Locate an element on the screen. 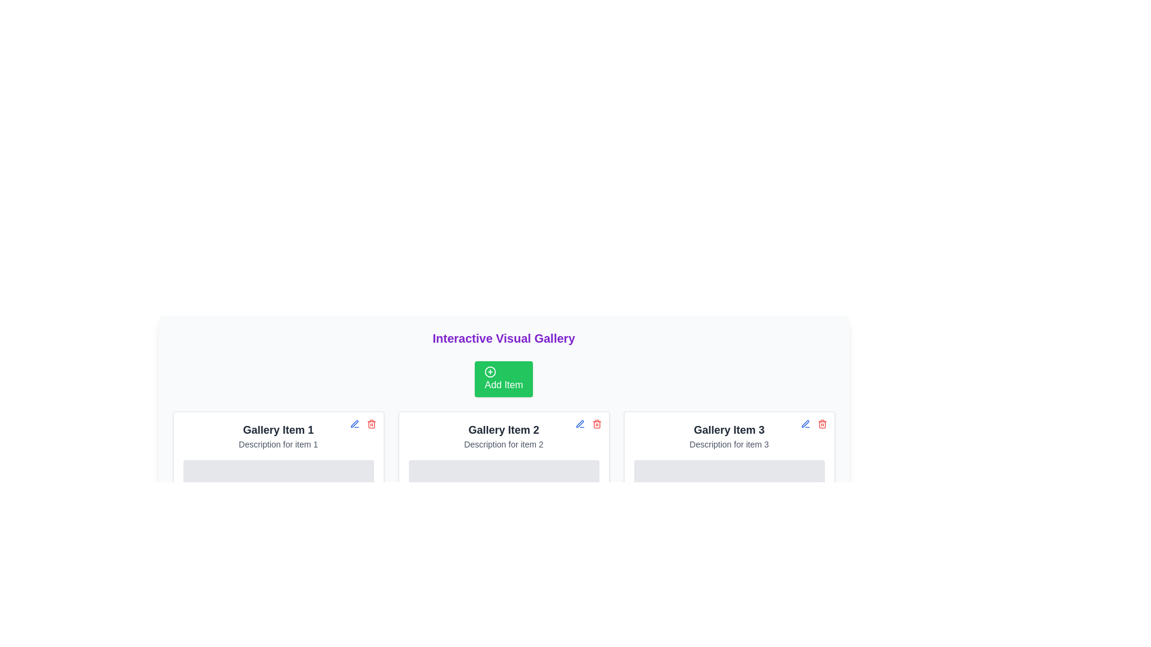  the static text element that provides supplementary information about 'Gallery Item 1', located at the lower portion of the first card in the gallery layout is located at coordinates (278, 444).